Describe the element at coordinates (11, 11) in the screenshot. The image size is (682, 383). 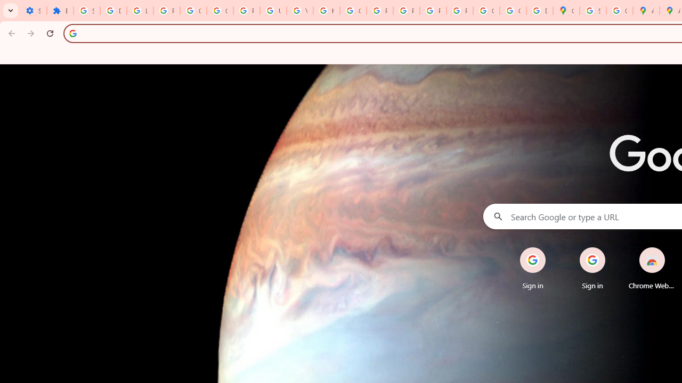
I see `'Search tabs'` at that location.